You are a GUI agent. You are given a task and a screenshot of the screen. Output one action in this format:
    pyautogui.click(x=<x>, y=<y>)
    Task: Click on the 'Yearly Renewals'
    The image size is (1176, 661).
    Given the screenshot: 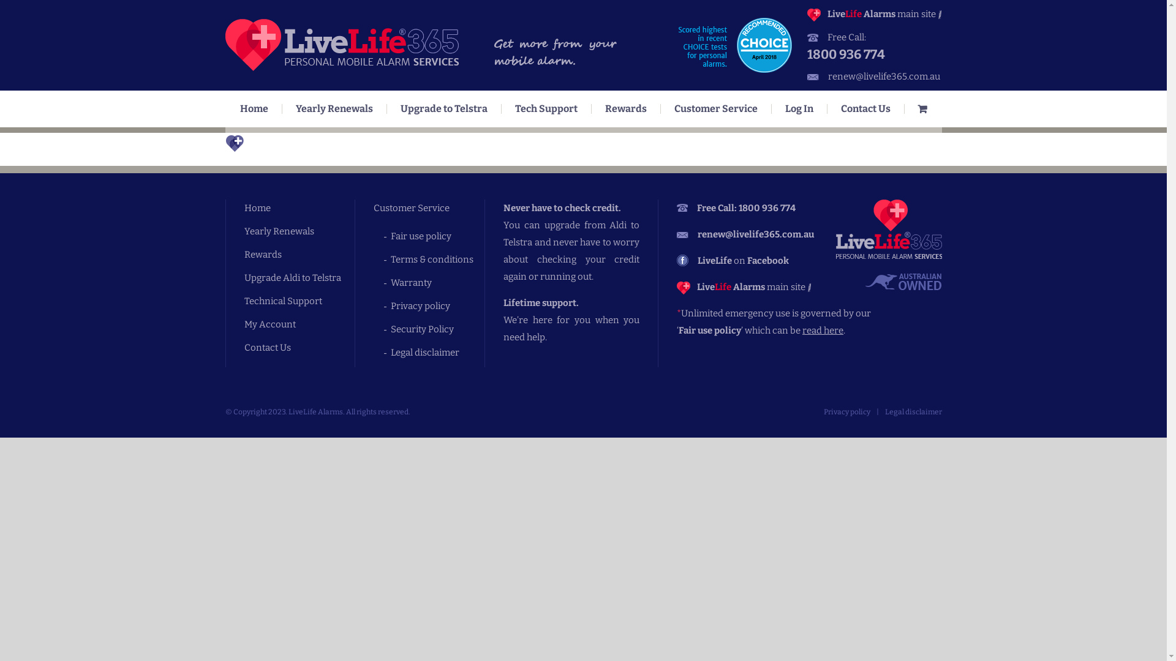 What is the action you would take?
    pyautogui.click(x=299, y=231)
    